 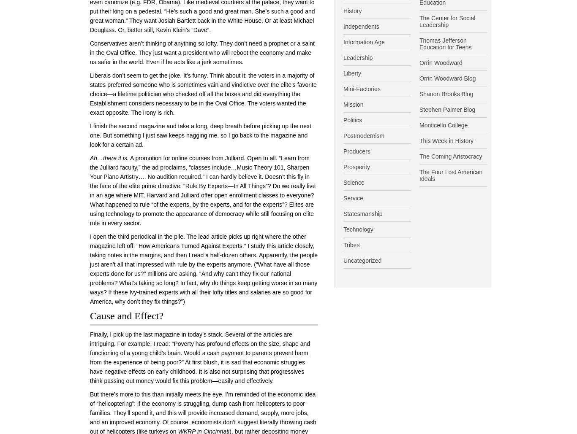 What do you see at coordinates (204, 269) in the screenshot?
I see `'I open the third periodical in the pile. The lead article picks up right where the other magazine left off: “How Americans Turned Against Experts.” I study this article closely, taking notes in the margins, and then I read a half-dozen others. Apparently, the people just aren’t all that impressed with rule by the experts anymore. (“What have all those experts done for us?” millions are asking. “And why can’t they fix our national problems? What’s taking so long? In fact, why do things keep getting worse in so many ways? If these Ivy-trained experts with all their lofty titles and salaries are so good for America, why don’t they fix things?”)'` at bounding box center [204, 269].